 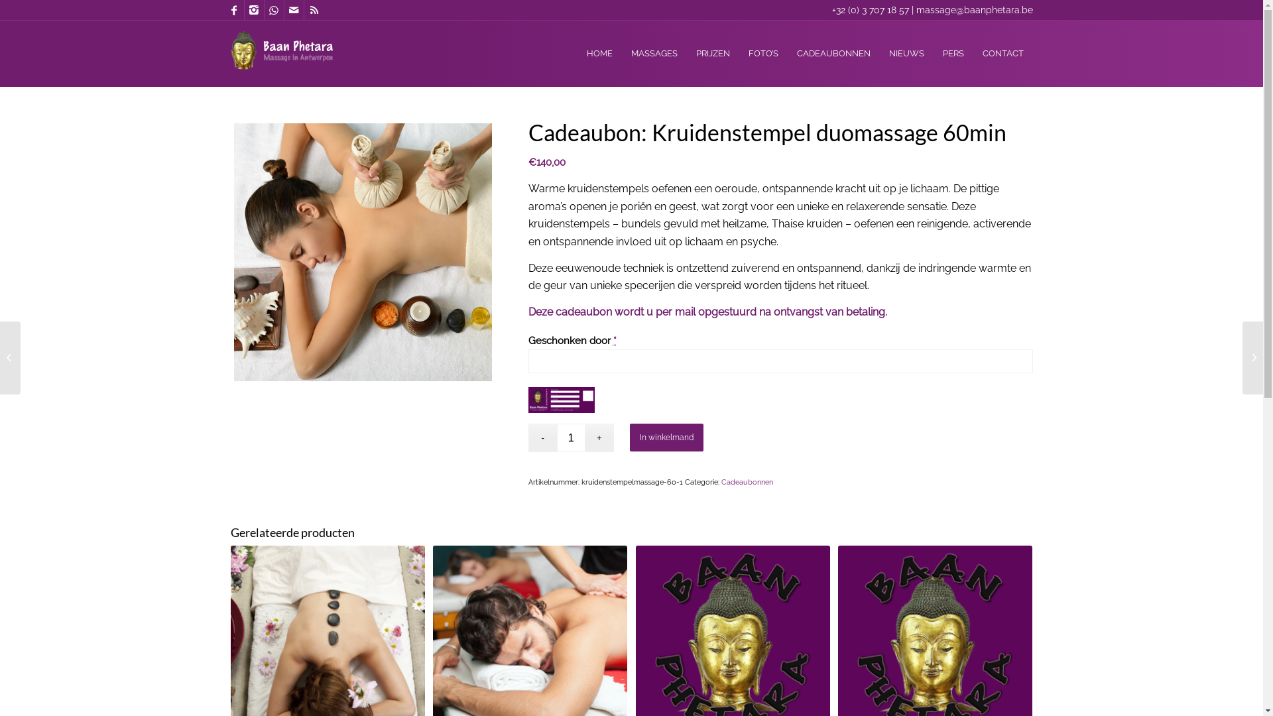 What do you see at coordinates (953, 53) in the screenshot?
I see `'PERS'` at bounding box center [953, 53].